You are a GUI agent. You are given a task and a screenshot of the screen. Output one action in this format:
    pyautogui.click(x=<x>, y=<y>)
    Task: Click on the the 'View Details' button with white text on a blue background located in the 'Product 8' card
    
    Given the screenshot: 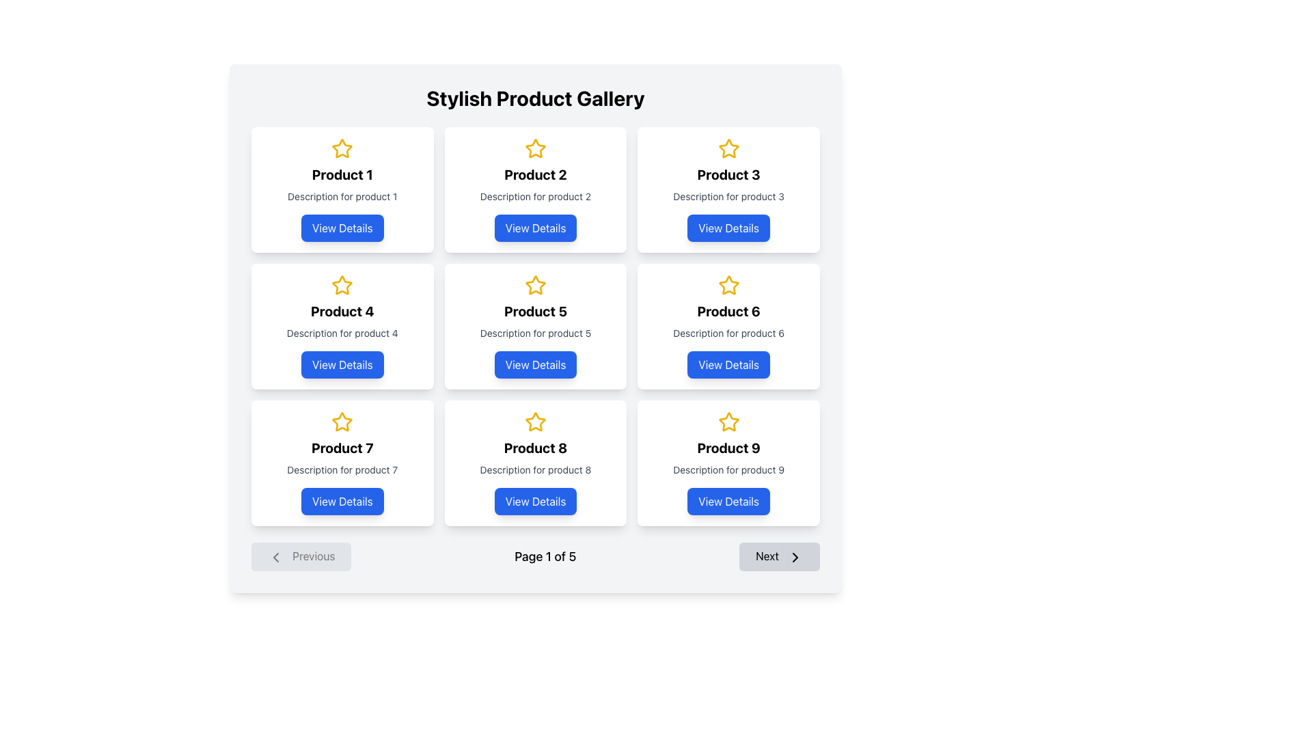 What is the action you would take?
    pyautogui.click(x=534, y=501)
    